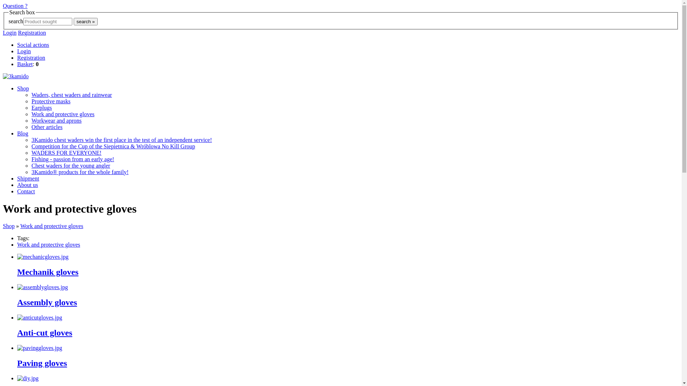 This screenshot has width=687, height=386. Describe the element at coordinates (15, 6) in the screenshot. I see `'Question ?'` at that location.